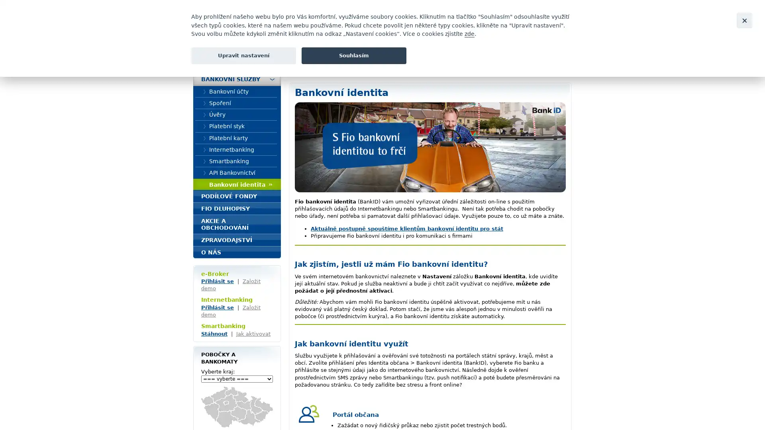  What do you see at coordinates (353, 55) in the screenshot?
I see `Souhlasim` at bounding box center [353, 55].